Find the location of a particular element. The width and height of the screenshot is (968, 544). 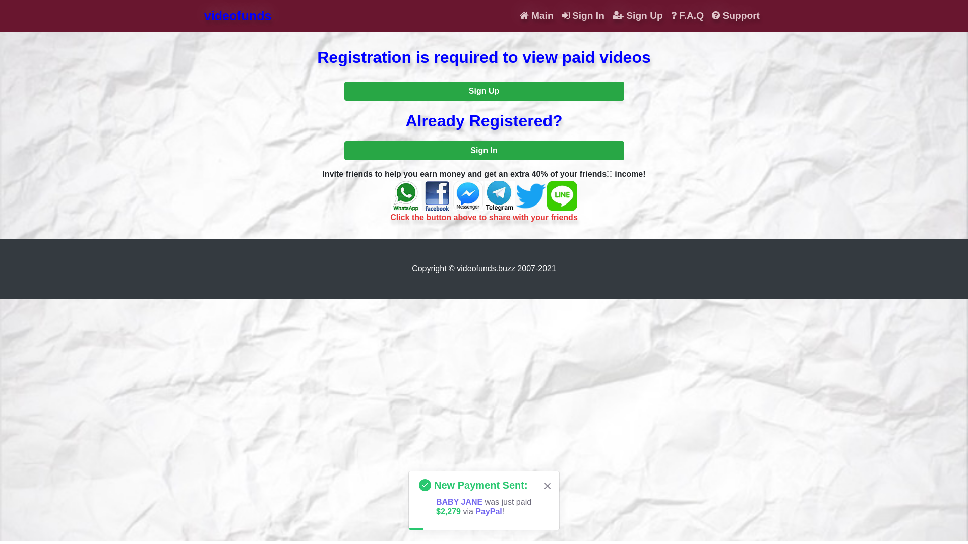

'Support' is located at coordinates (736, 16).